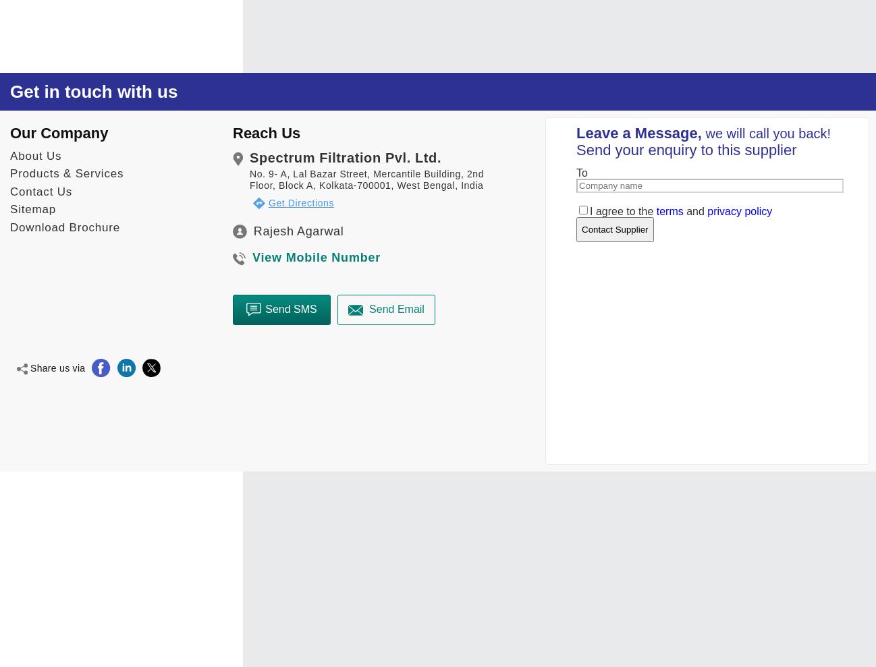  Describe the element at coordinates (297, 229) in the screenshot. I see `'Rajesh Agarwal'` at that location.